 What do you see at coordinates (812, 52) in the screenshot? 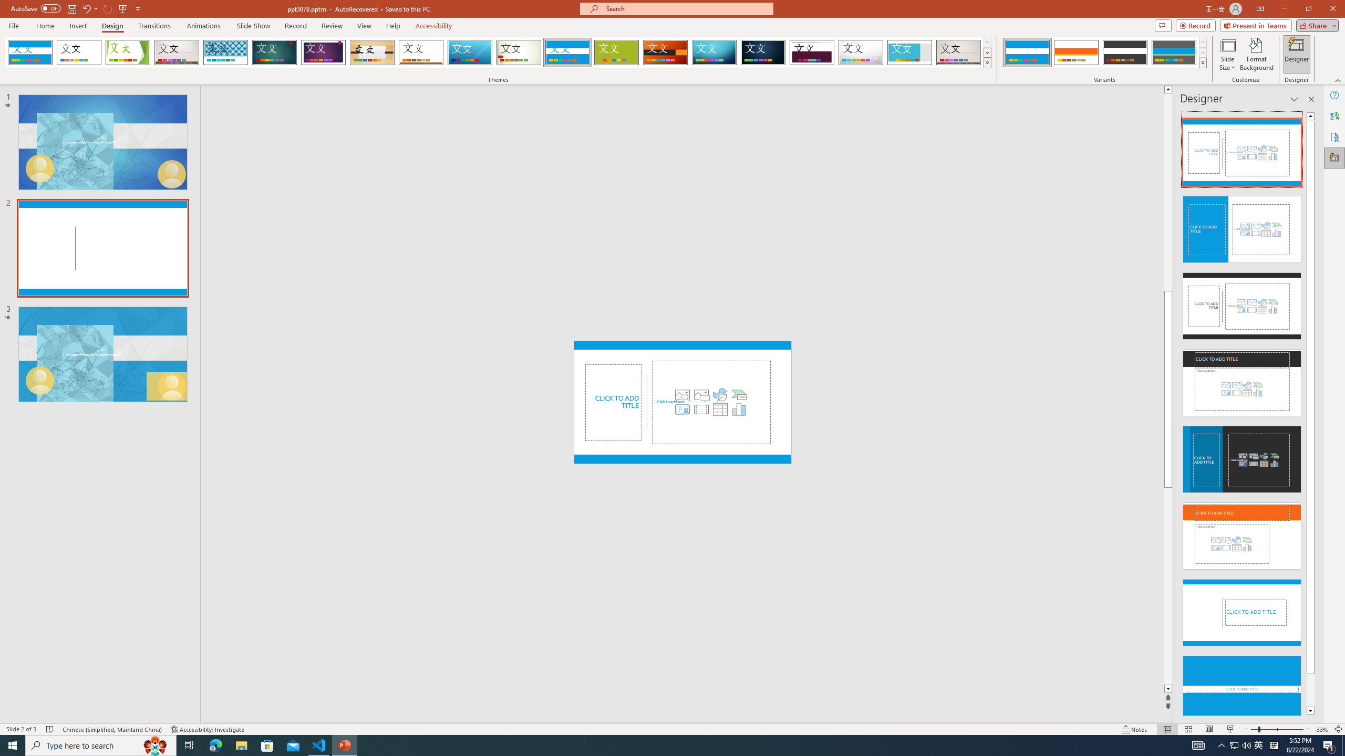
I see `'Dividend'` at bounding box center [812, 52].